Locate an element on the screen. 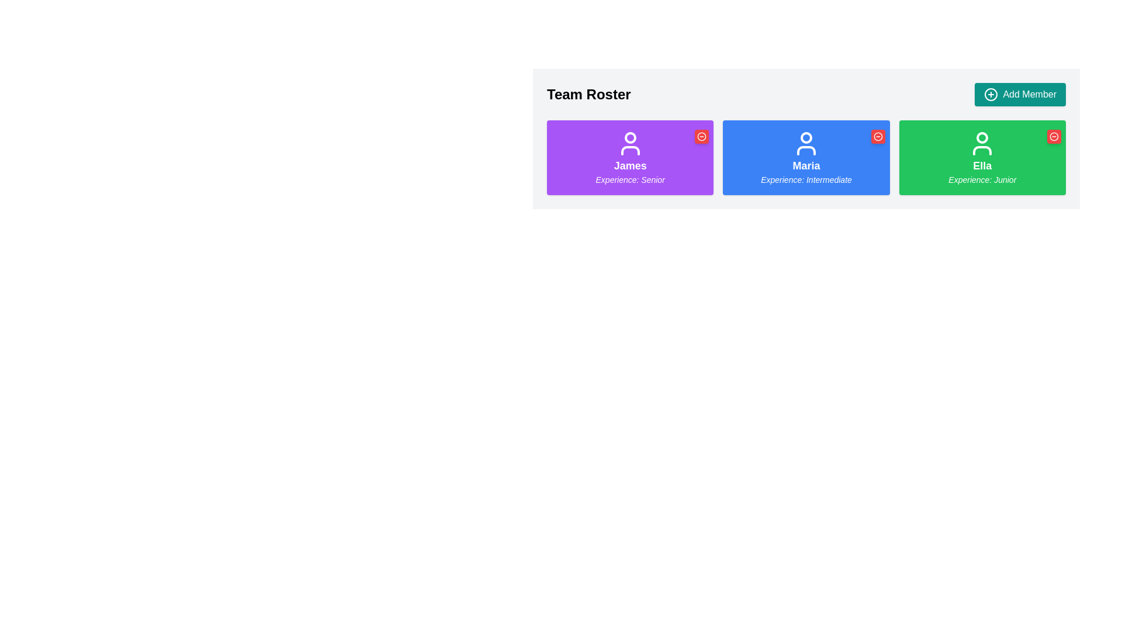  the button located in the upper-right corner of the card labeled 'Maria' to possibly trigger a tooltip is located at coordinates (878, 136).